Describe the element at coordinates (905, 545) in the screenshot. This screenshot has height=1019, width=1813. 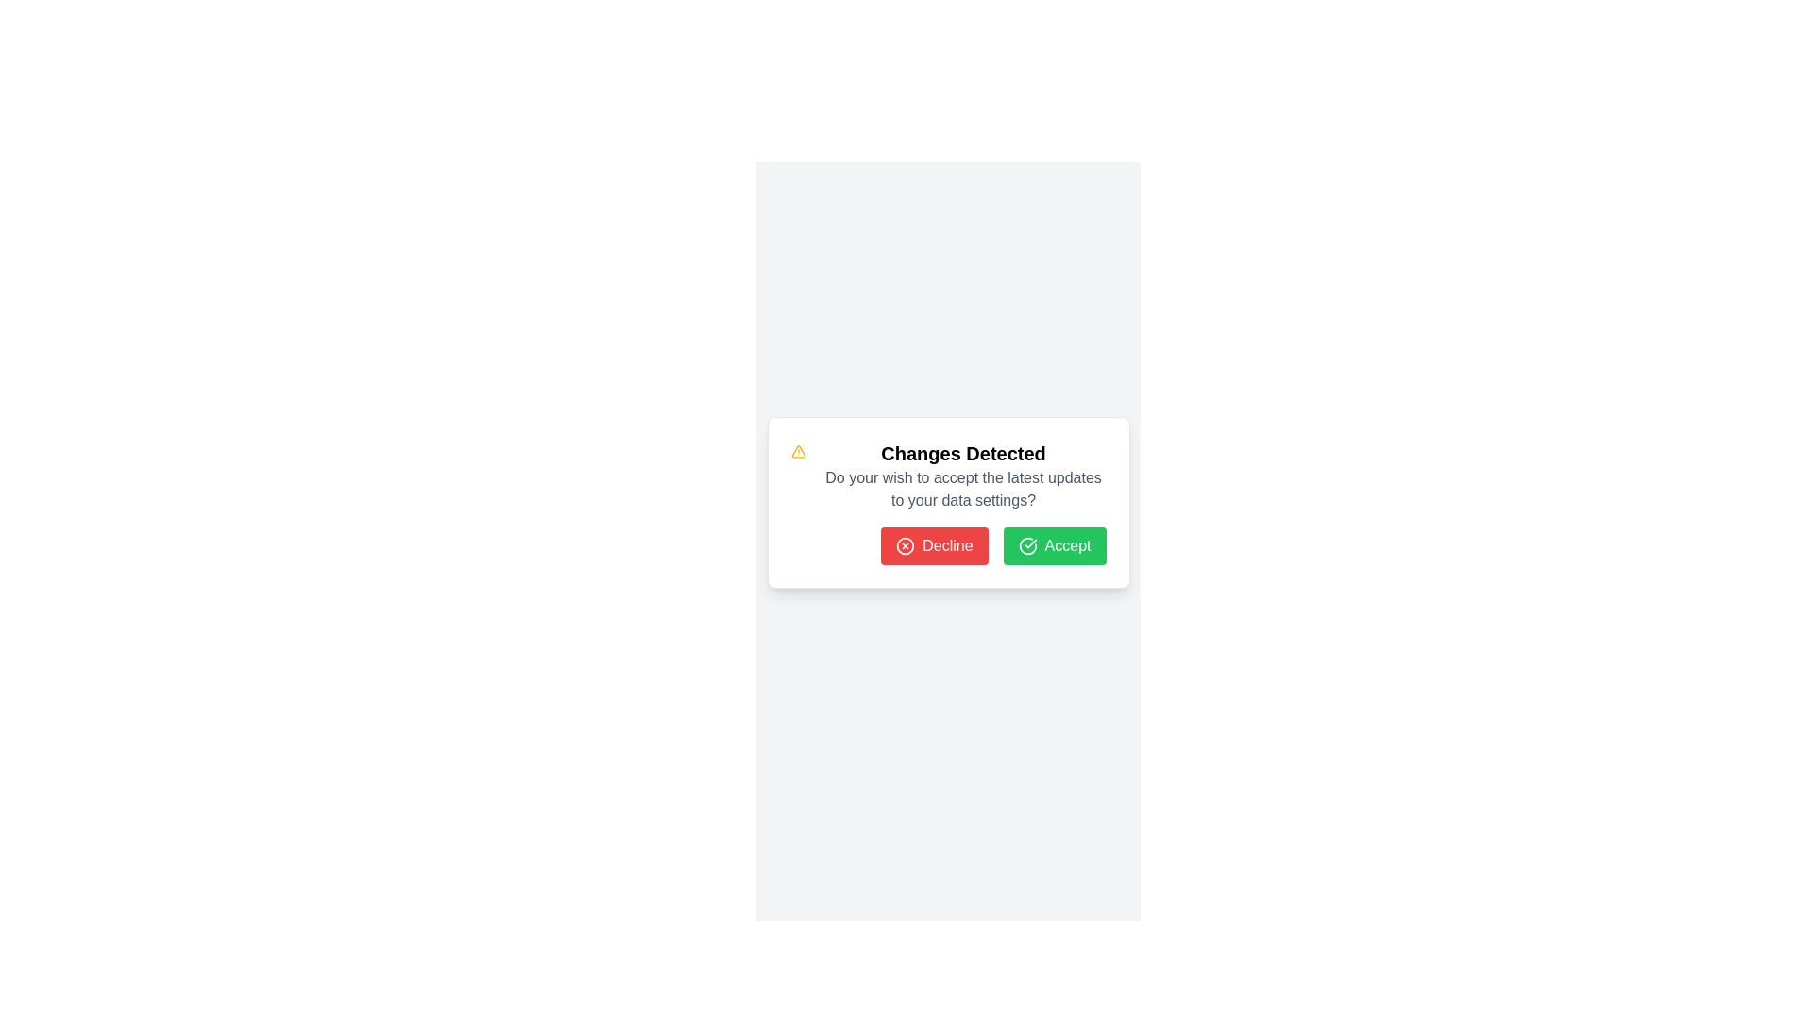
I see `the Decline icon located on the left side of the 'Decline' button at the bottom of the dialog box to initiate the associated action` at that location.